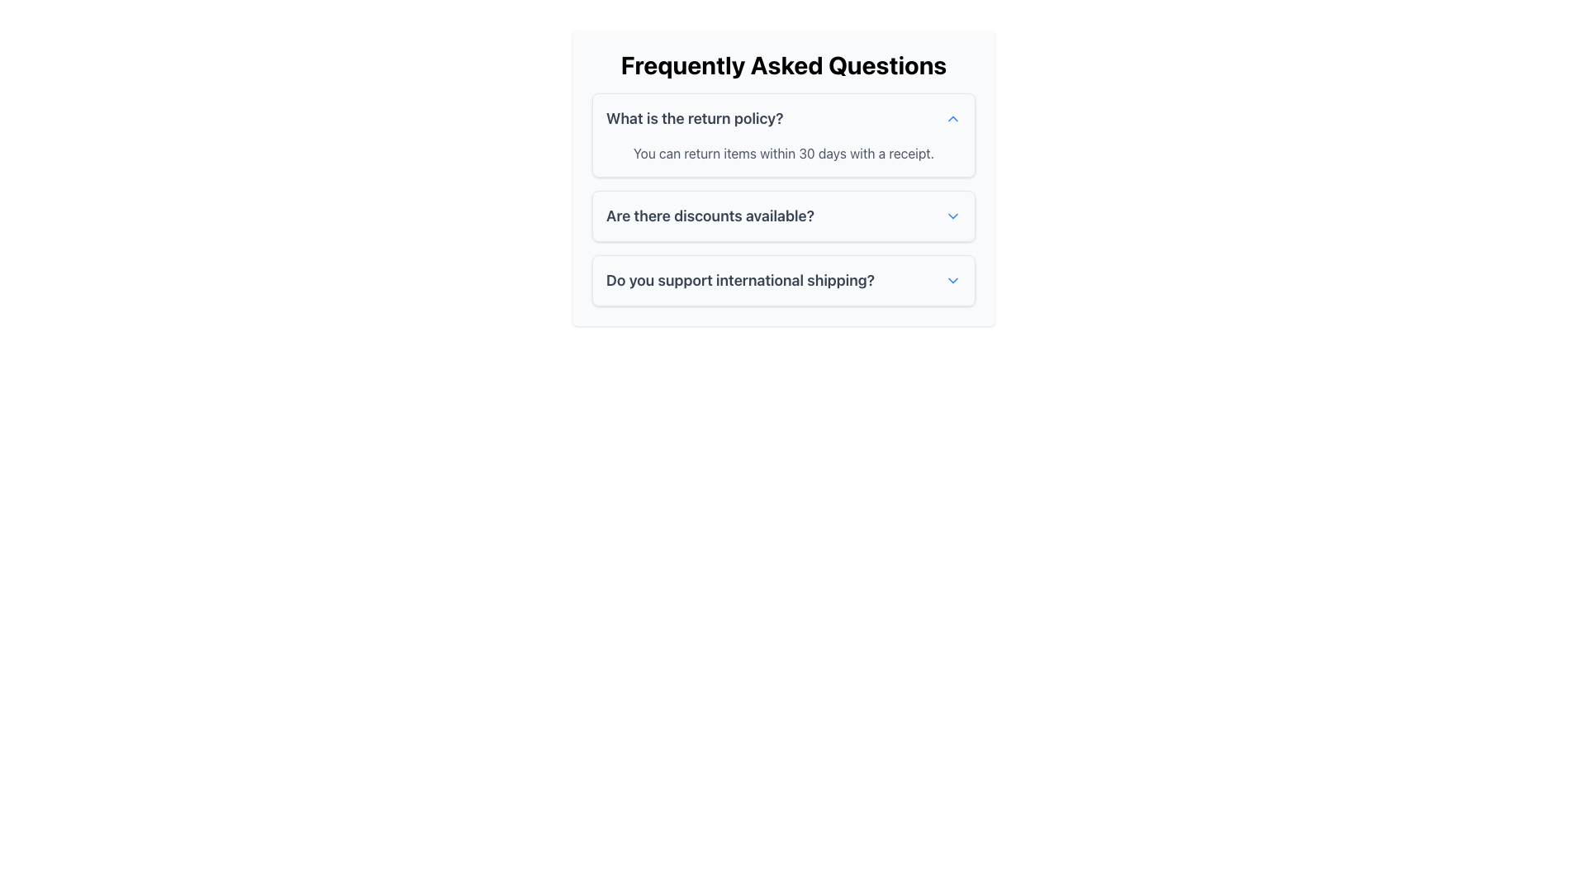  I want to click on the text heading that serves as the title for the FAQ content, which is located at the very top of a rounded card-like element, so click(783, 64).